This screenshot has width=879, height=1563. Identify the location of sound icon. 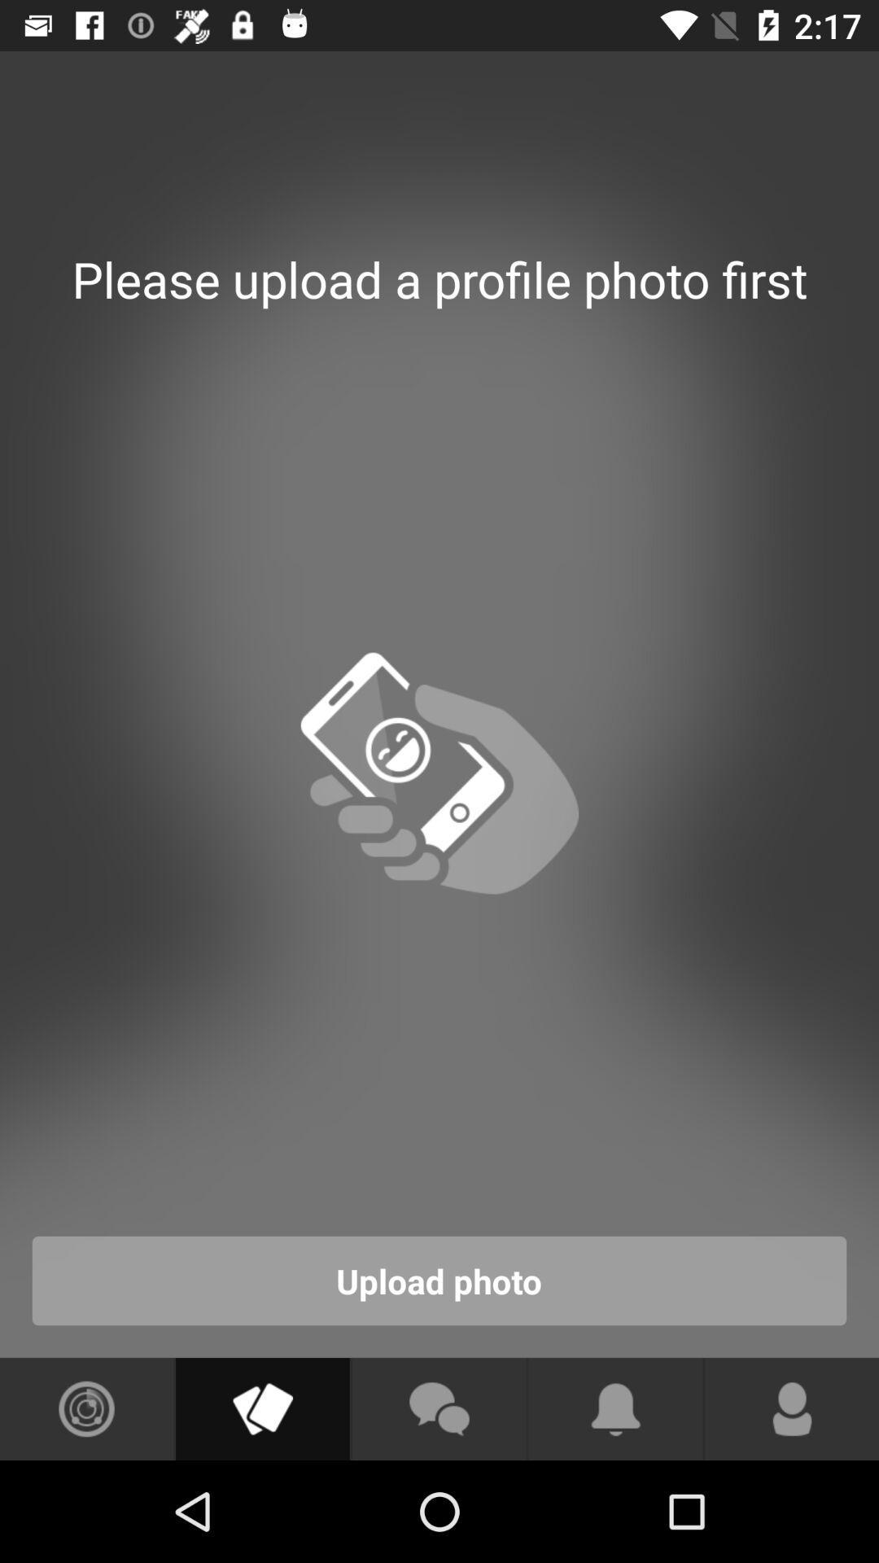
(86, 1408).